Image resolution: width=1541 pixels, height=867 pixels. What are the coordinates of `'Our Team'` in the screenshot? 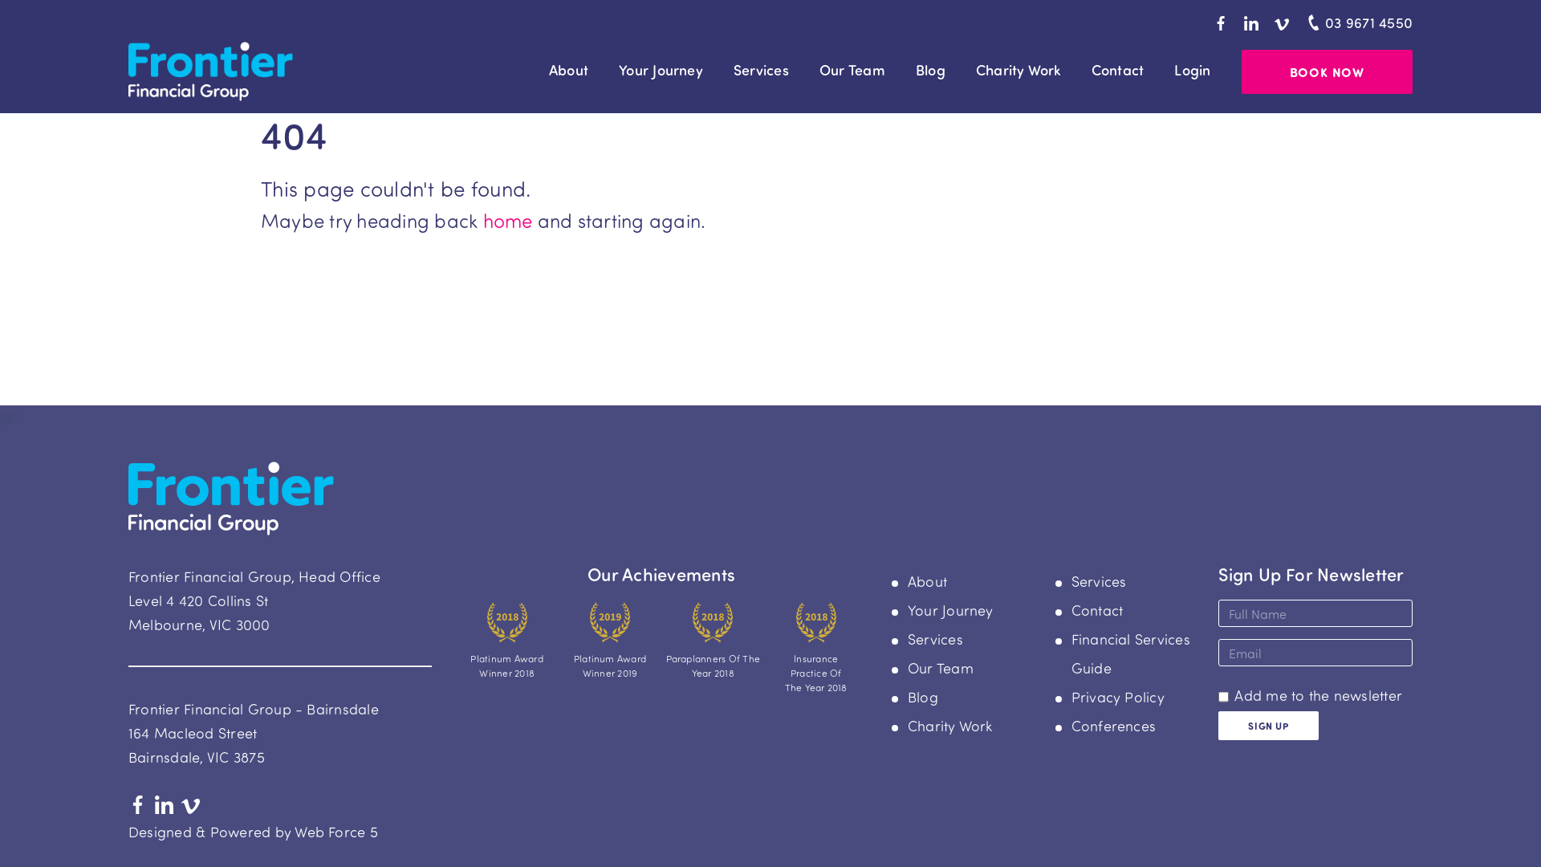 It's located at (851, 69).